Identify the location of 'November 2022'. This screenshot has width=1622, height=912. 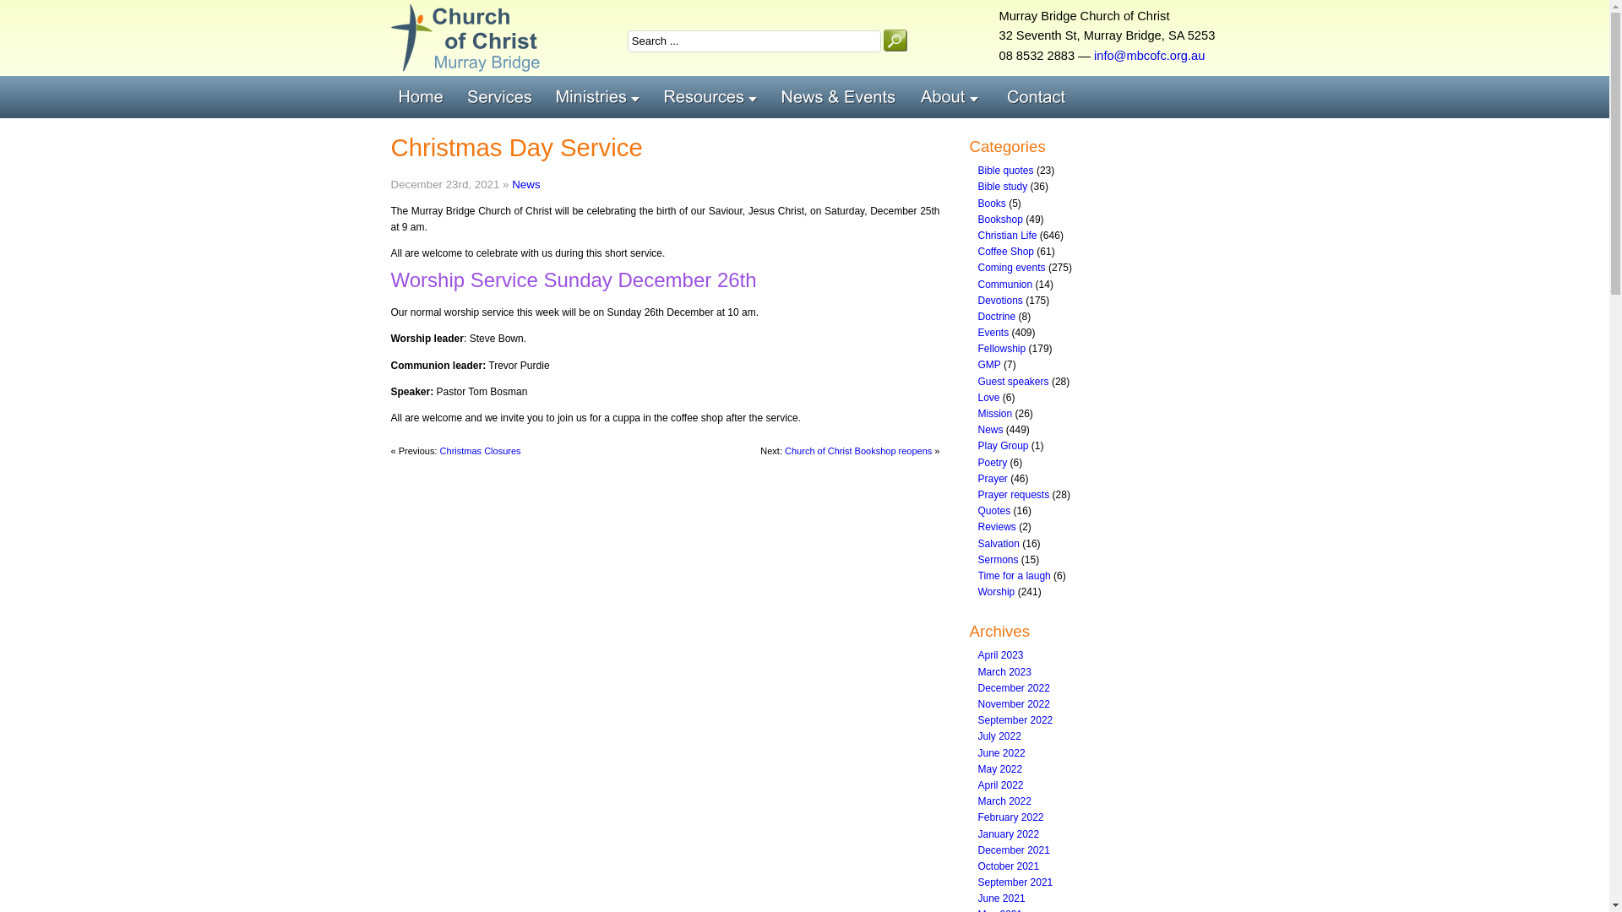
(1014, 703).